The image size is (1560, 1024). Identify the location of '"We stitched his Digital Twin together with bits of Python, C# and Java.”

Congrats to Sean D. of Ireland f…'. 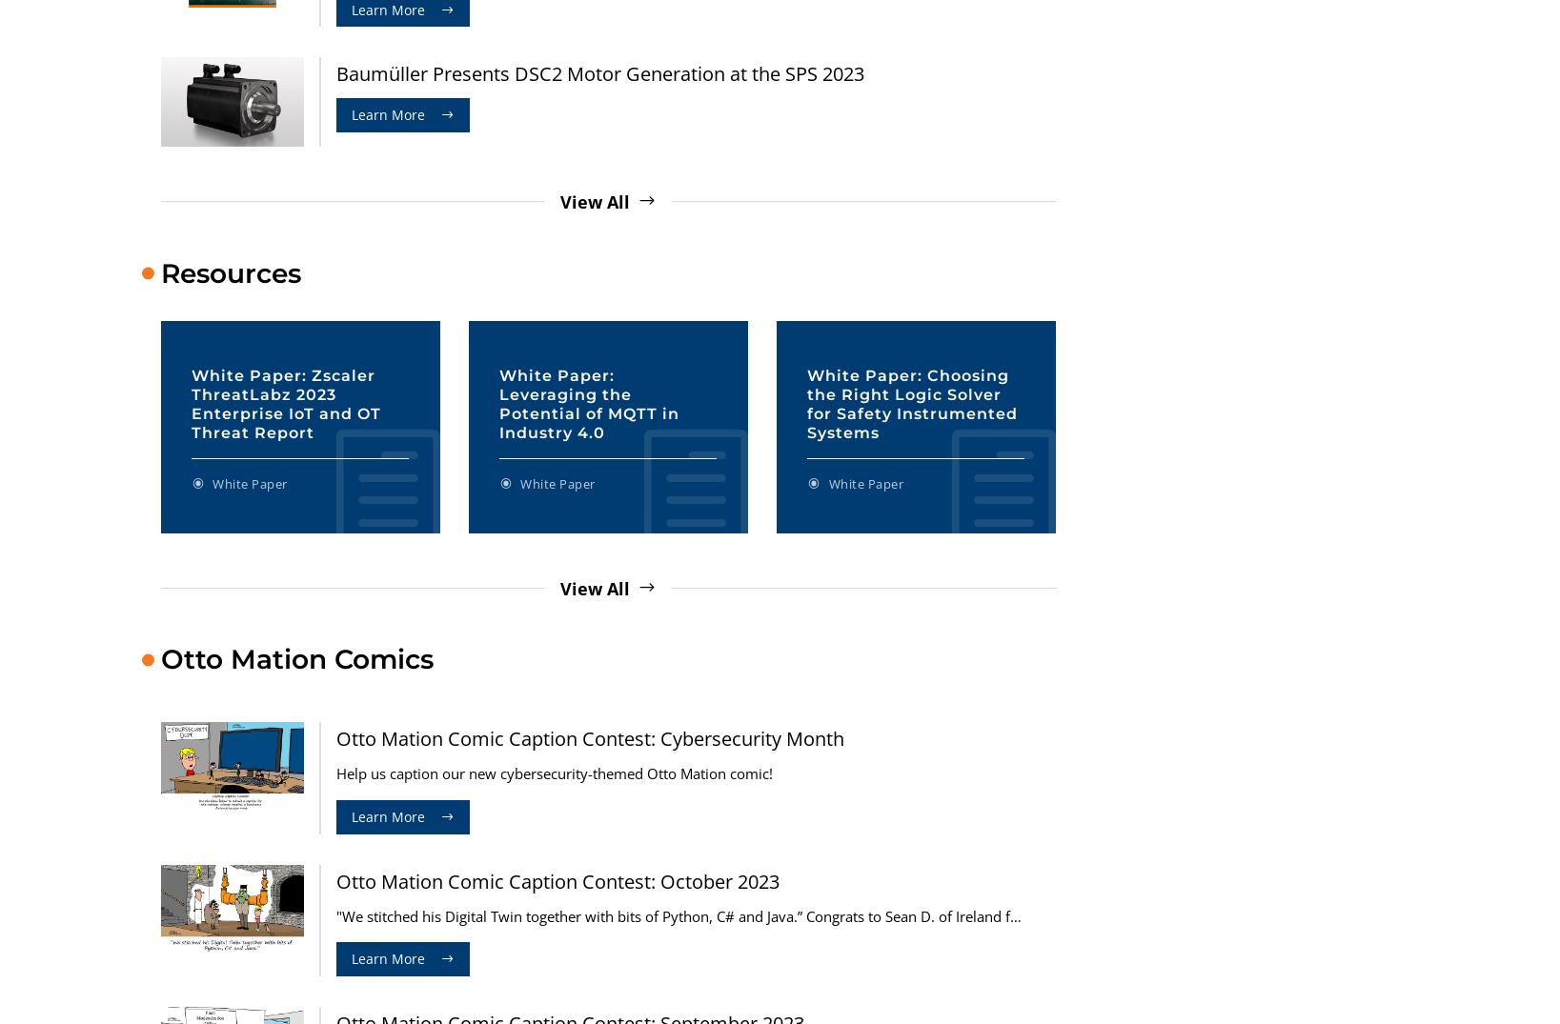
(678, 915).